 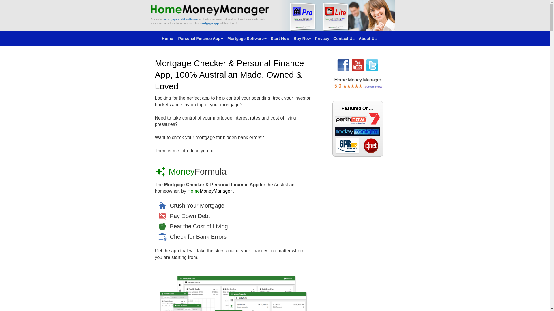 I want to click on 'HomeMoneyManager - Facebook Page', so click(x=343, y=65).